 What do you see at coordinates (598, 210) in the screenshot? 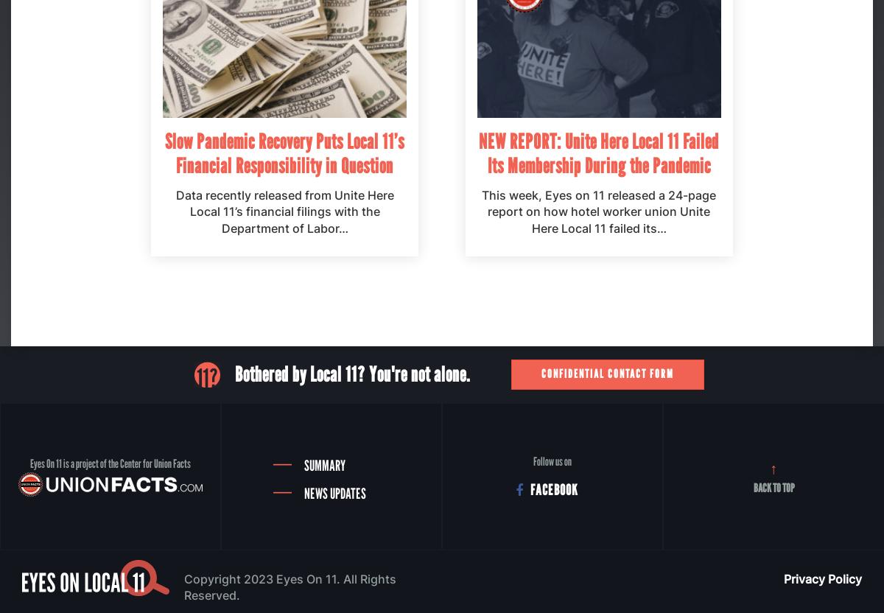
I see `'This week, Eyes on 11 released a 24-page report on how hotel worker union Unite Here Local 11 failed its…'` at bounding box center [598, 210].